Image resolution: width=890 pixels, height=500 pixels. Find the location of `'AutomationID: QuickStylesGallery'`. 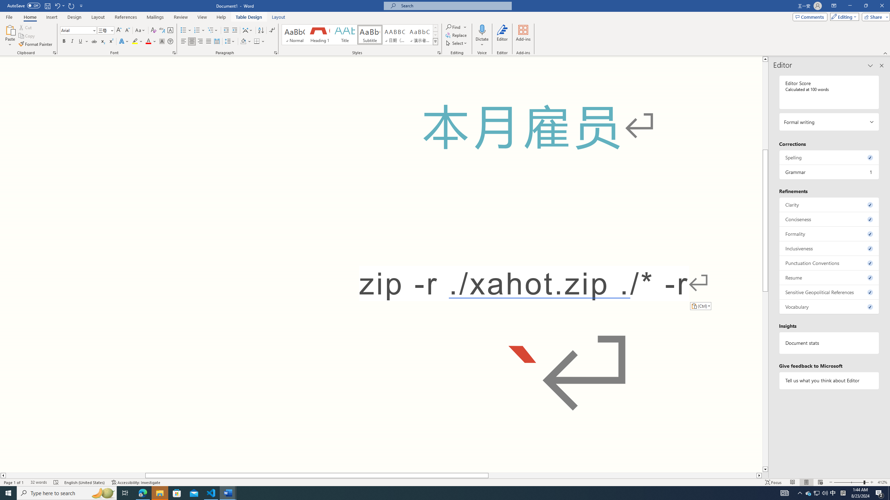

'AutomationID: QuickStylesGallery' is located at coordinates (360, 34).